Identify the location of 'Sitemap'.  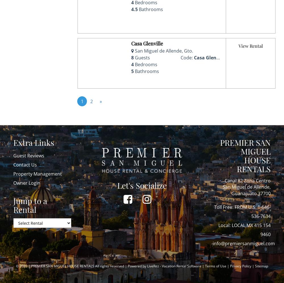
(255, 266).